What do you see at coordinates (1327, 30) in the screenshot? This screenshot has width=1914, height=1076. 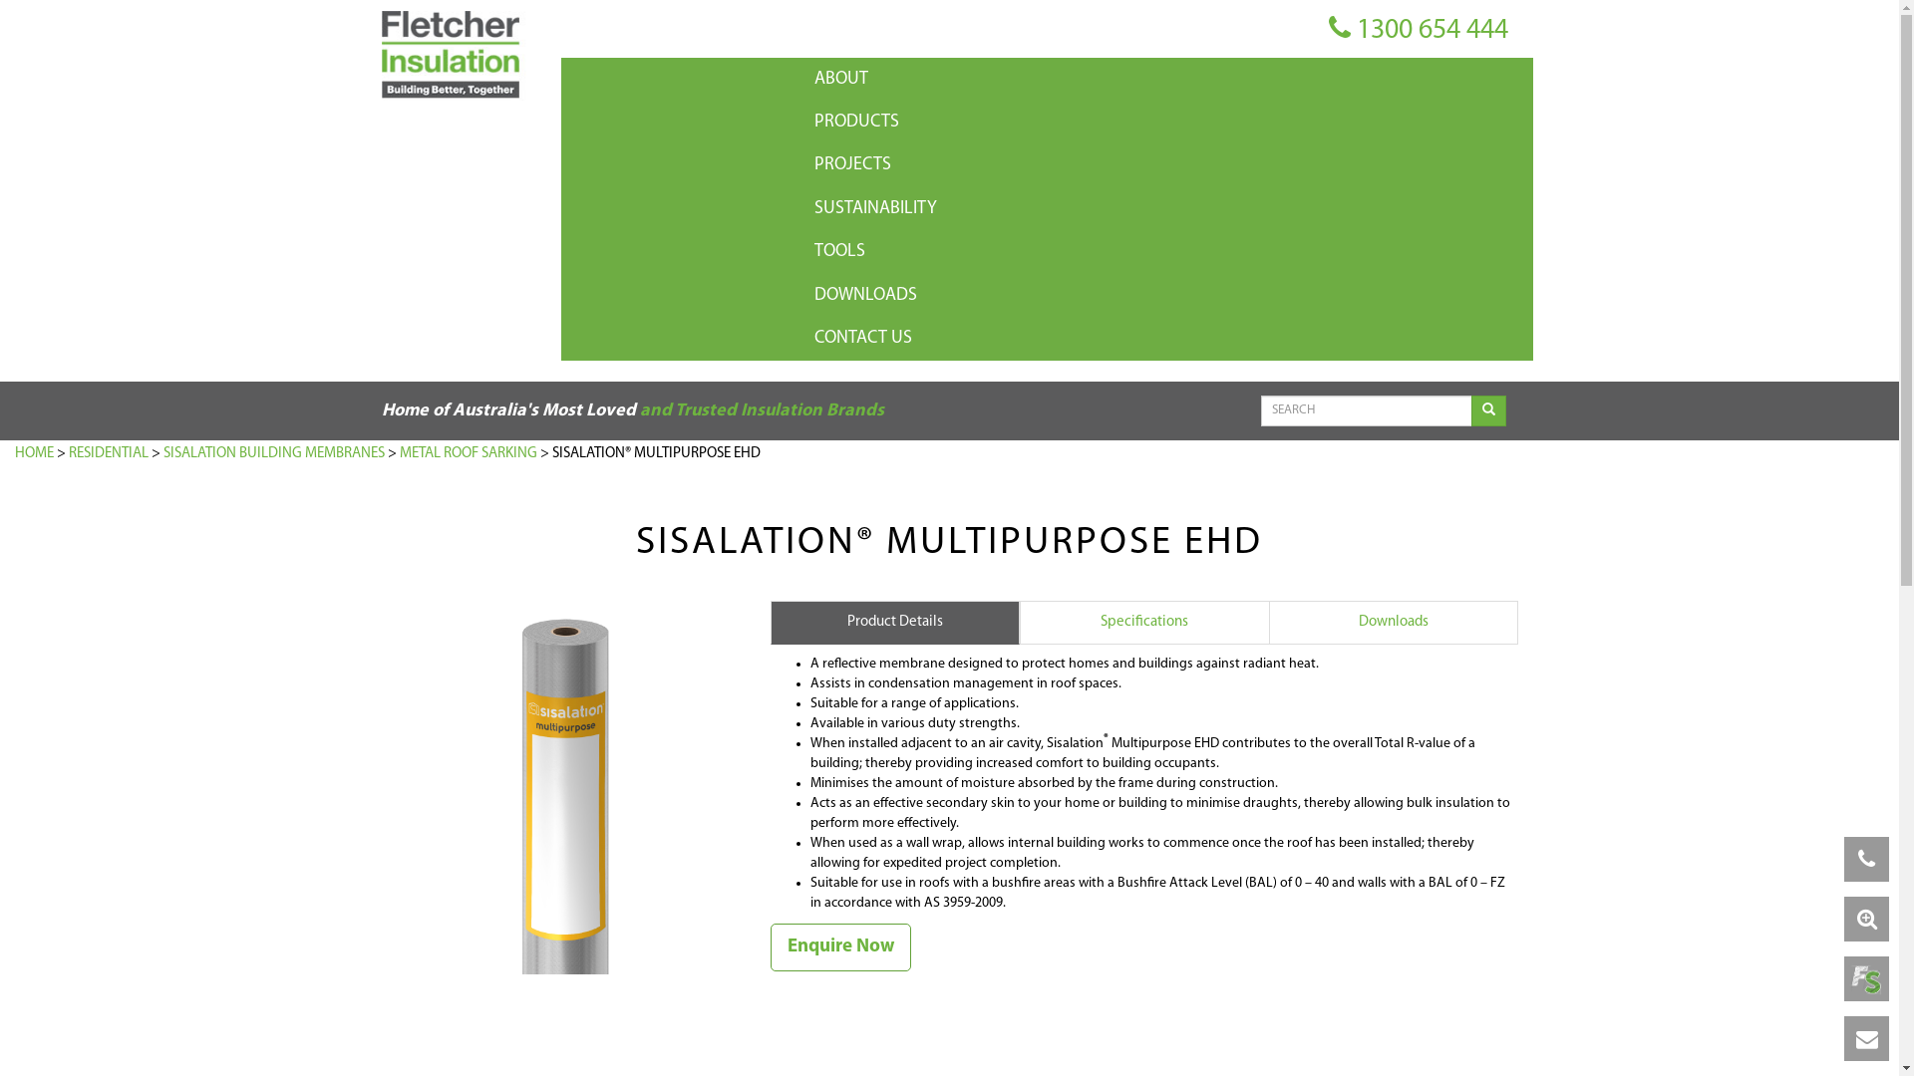 I see `'1300 654 444'` at bounding box center [1327, 30].